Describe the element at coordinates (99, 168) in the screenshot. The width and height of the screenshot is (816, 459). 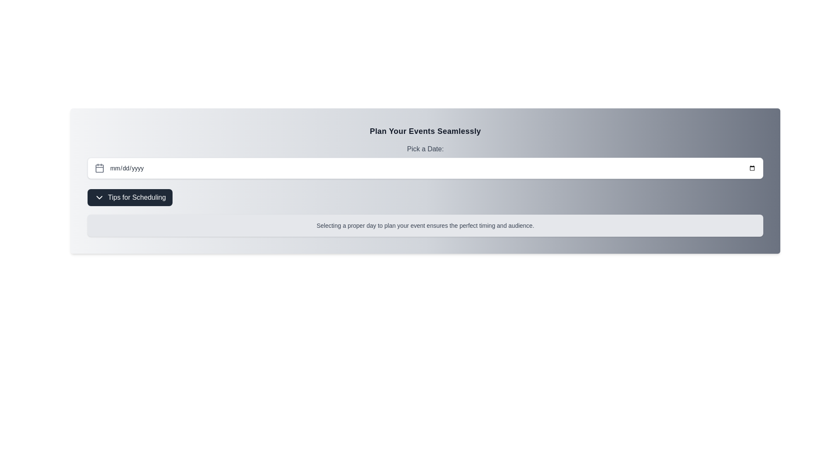
I see `the calendar icon located to the left of the 'Pick a Date' input field` at that location.